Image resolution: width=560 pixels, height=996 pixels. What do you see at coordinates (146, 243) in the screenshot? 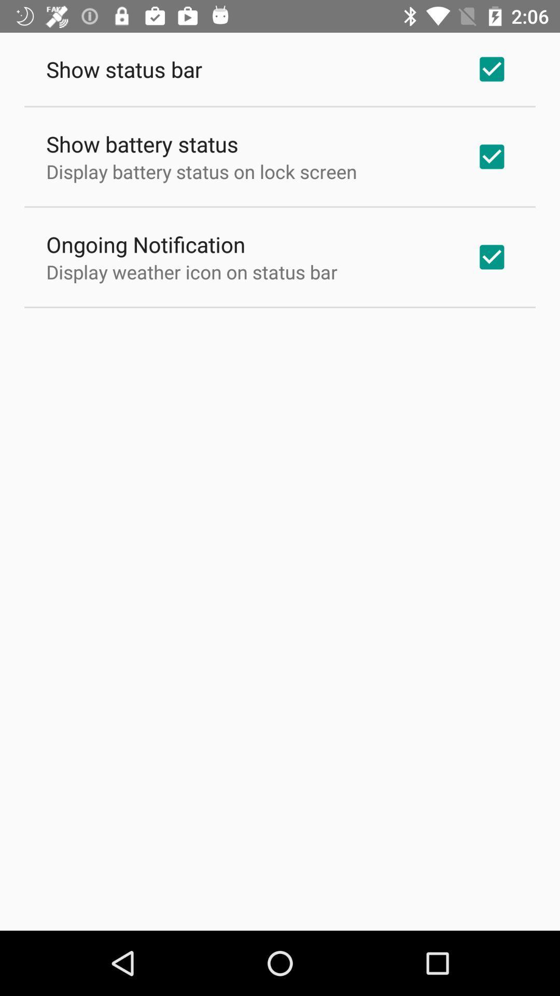
I see `the ongoing notification item` at bounding box center [146, 243].